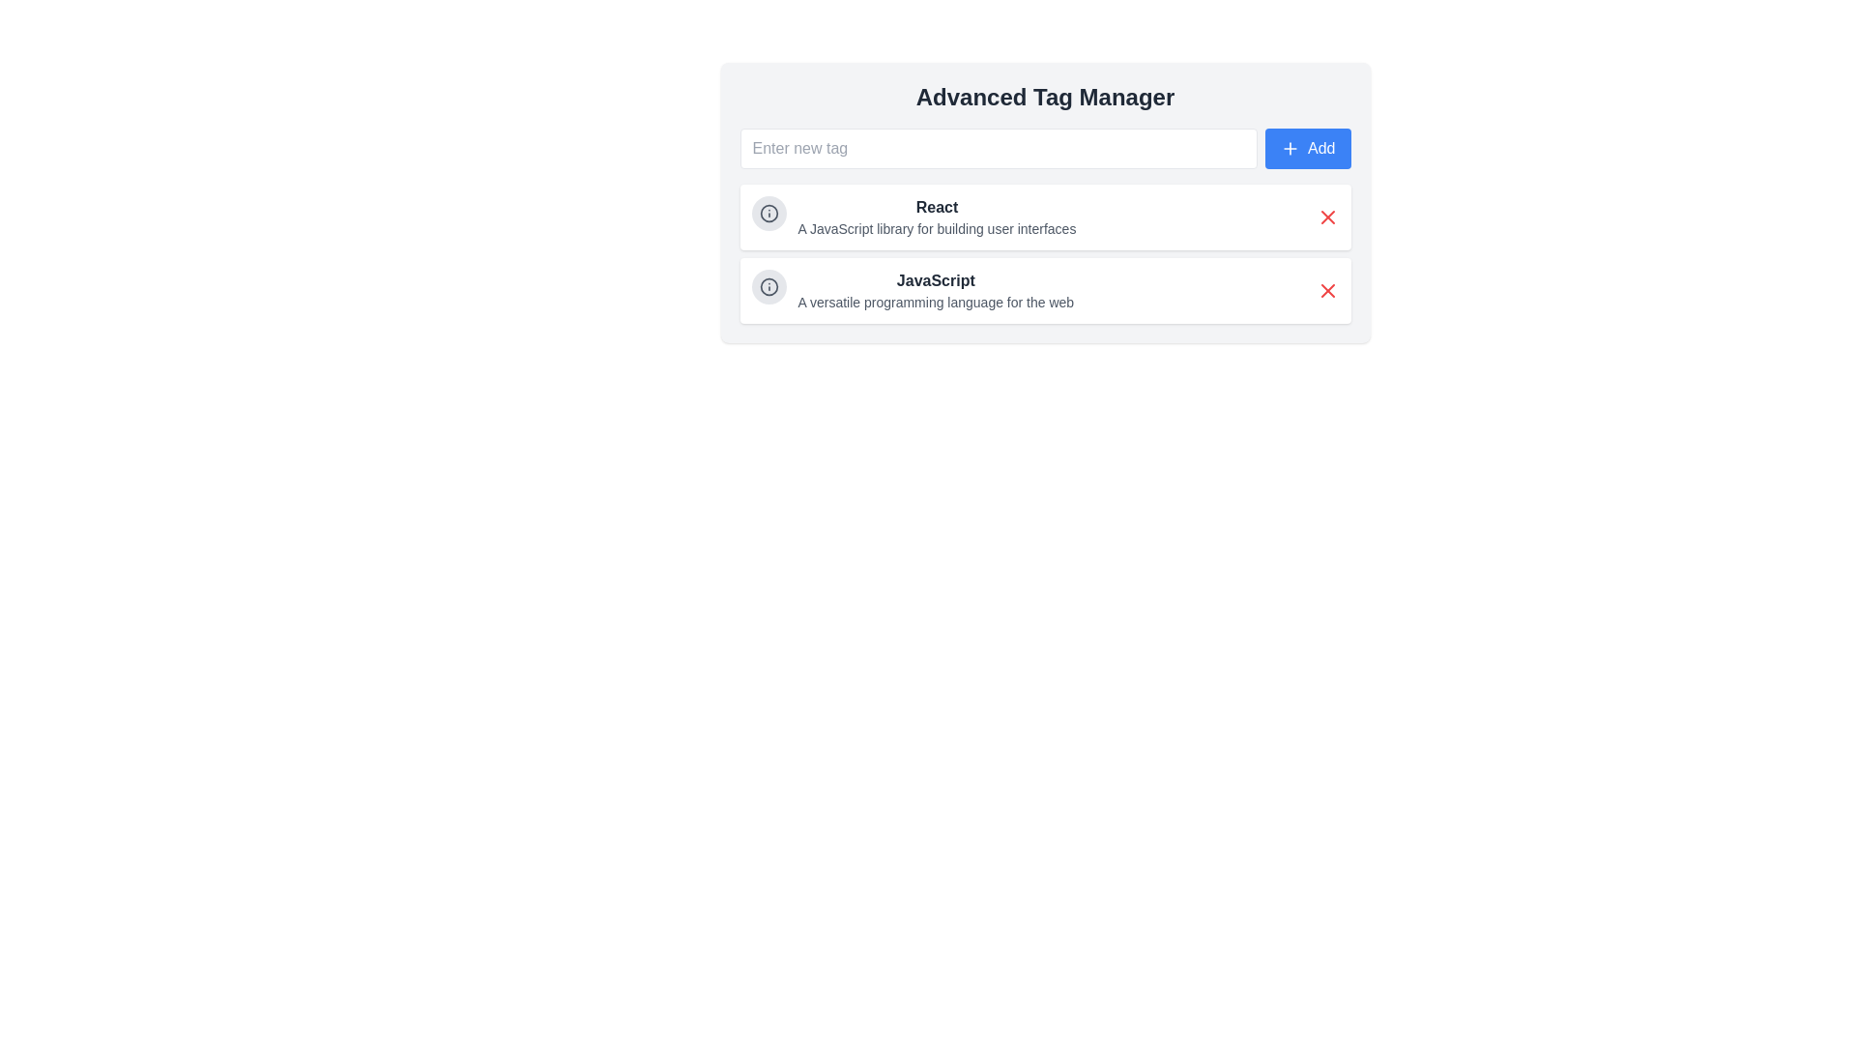  I want to click on the first item of the 'Advanced Tag Manager' list, so click(1044, 217).